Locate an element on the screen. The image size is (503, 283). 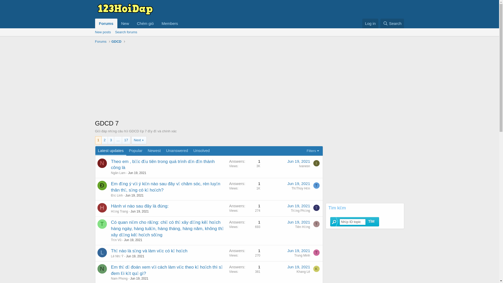
'Jun 19, 2021' is located at coordinates (139, 278).